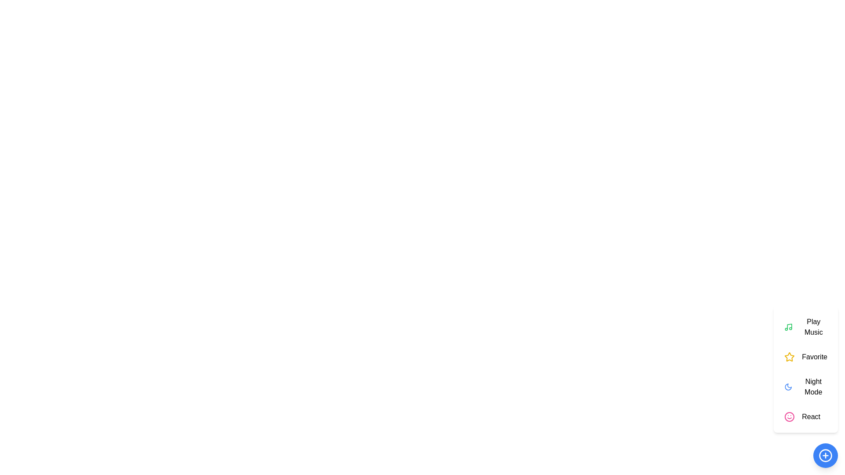 The height and width of the screenshot is (475, 845). I want to click on main toggle button to toggle the visibility of the actions, so click(825, 455).